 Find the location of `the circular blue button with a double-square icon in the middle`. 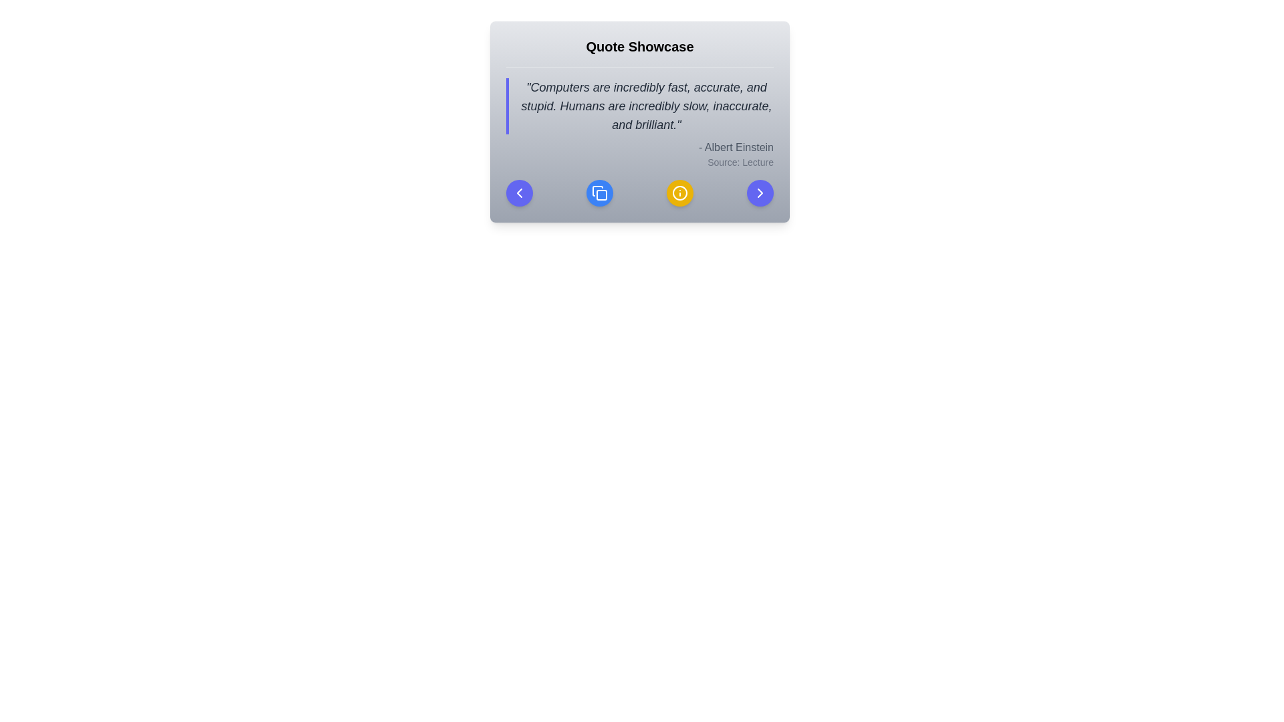

the circular blue button with a double-square icon in the middle is located at coordinates (599, 193).